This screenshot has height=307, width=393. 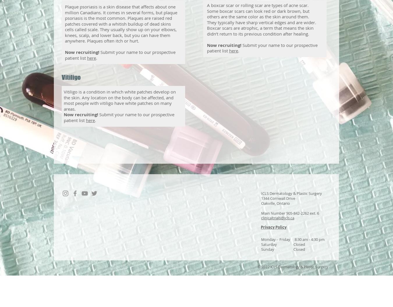 I want to click on 'Privacy Policy', so click(x=273, y=227).